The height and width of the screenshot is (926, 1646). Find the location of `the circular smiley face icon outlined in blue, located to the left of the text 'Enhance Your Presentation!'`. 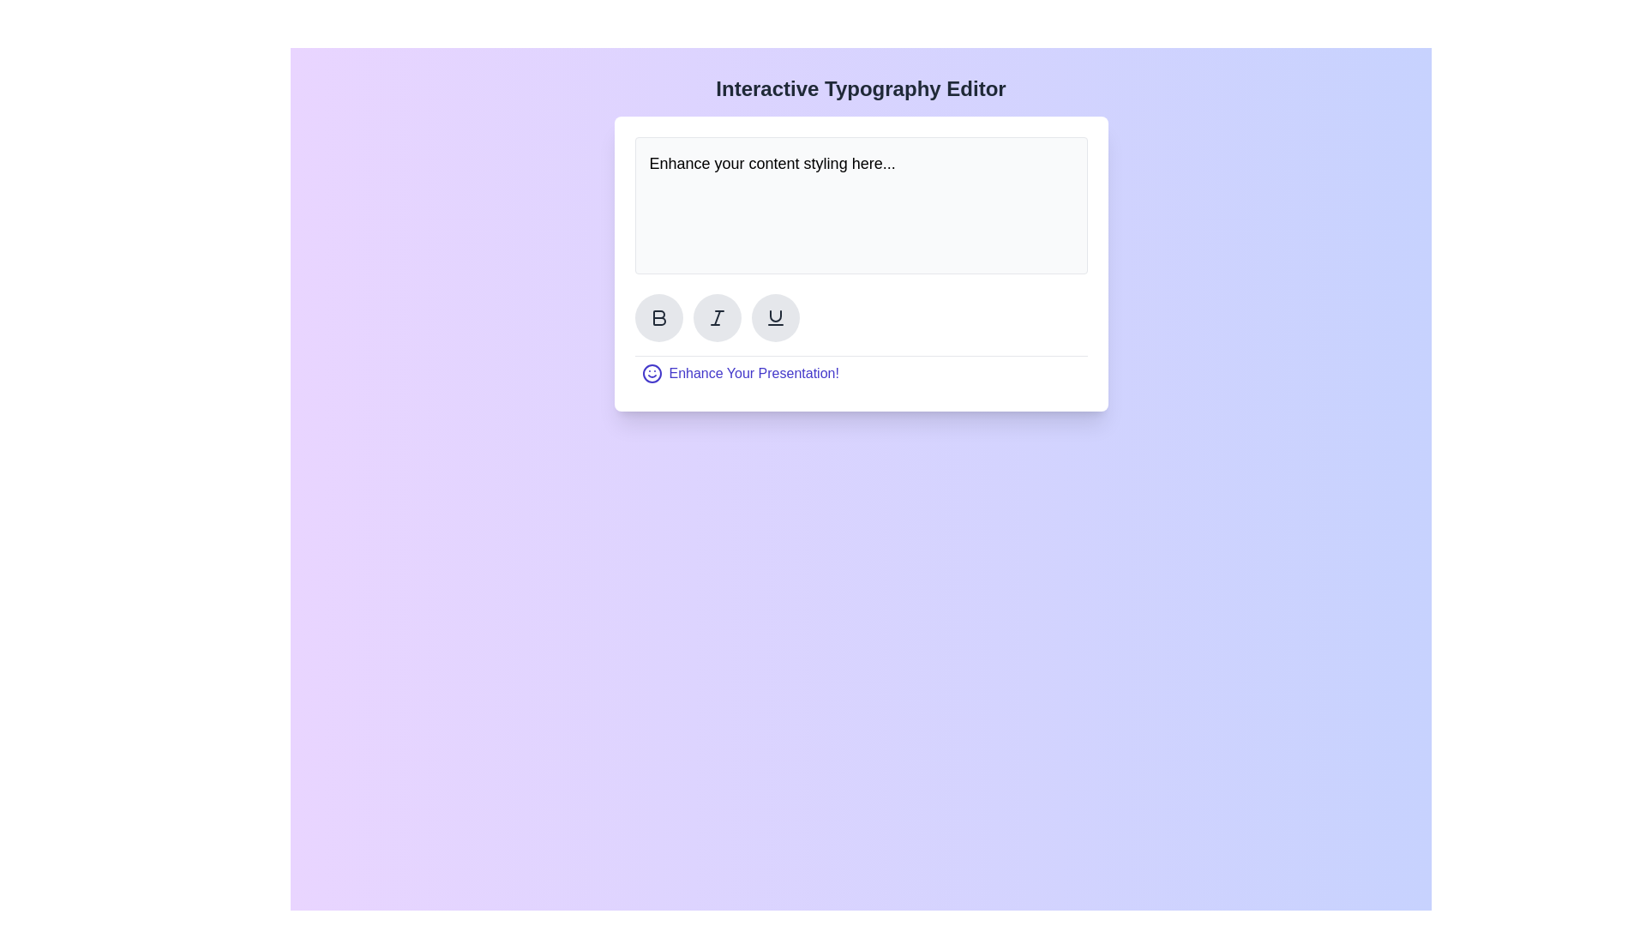

the circular smiley face icon outlined in blue, located to the left of the text 'Enhance Your Presentation!' is located at coordinates (651, 372).